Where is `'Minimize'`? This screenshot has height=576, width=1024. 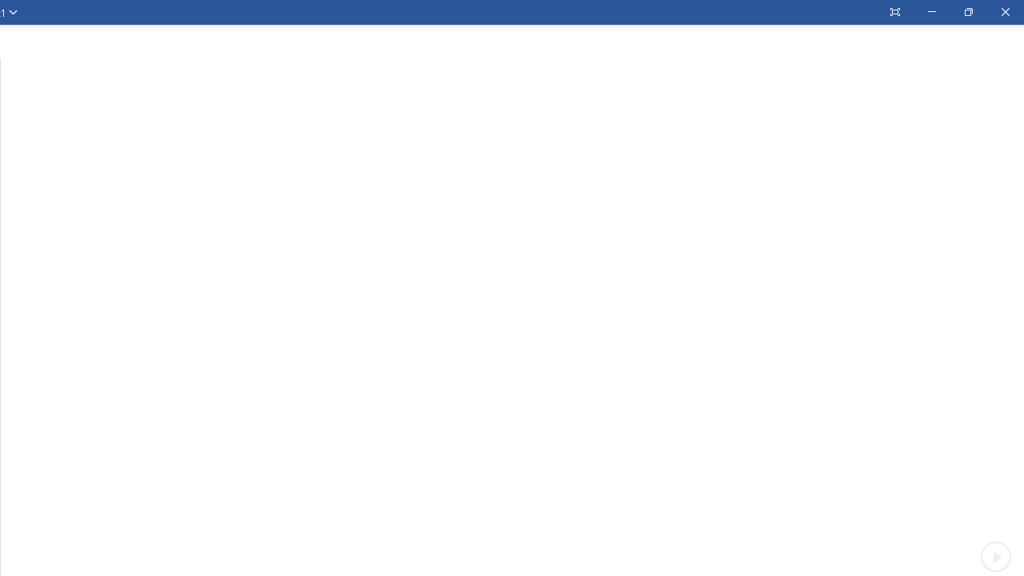 'Minimize' is located at coordinates (931, 12).